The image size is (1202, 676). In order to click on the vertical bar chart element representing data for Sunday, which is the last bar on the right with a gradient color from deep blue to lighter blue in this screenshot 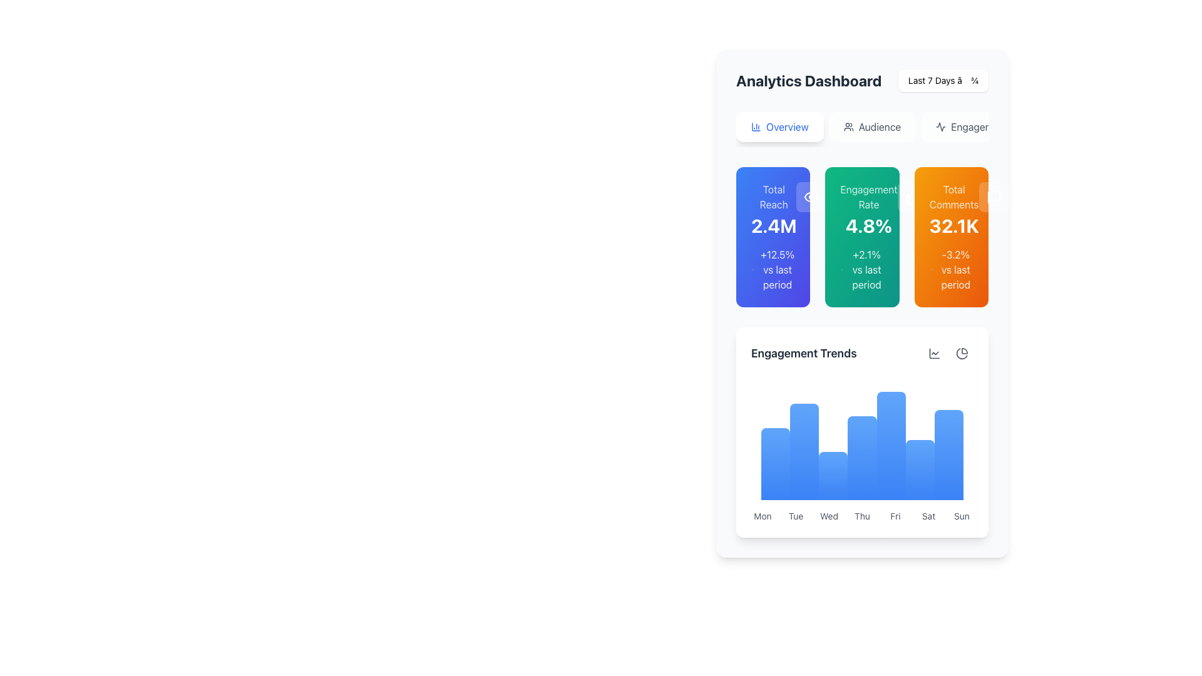, I will do `click(948, 454)`.